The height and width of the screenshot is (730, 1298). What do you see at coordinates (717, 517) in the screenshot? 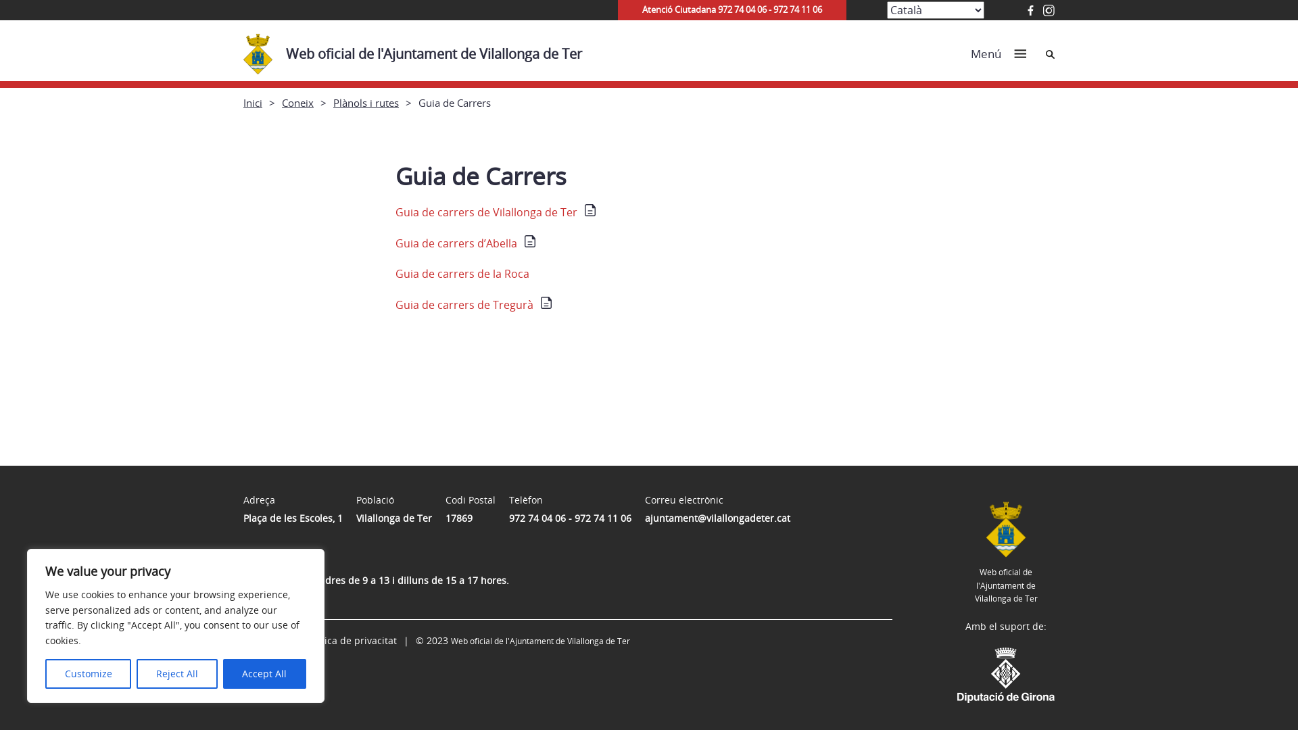
I see `'ajuntament@vilallongadeter.cat'` at bounding box center [717, 517].